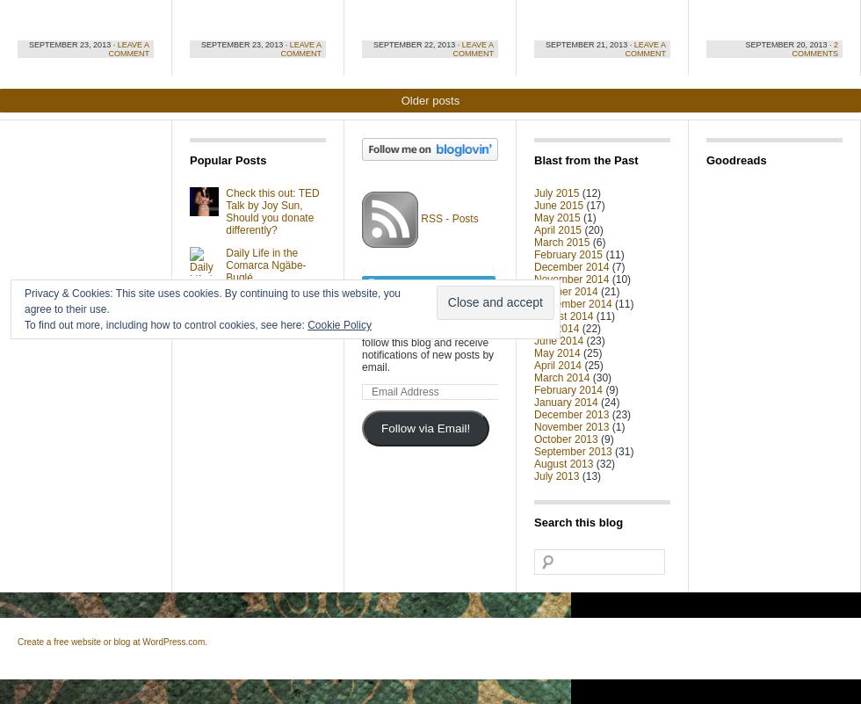 The image size is (861, 704). I want to click on 'Older posts', so click(430, 99).